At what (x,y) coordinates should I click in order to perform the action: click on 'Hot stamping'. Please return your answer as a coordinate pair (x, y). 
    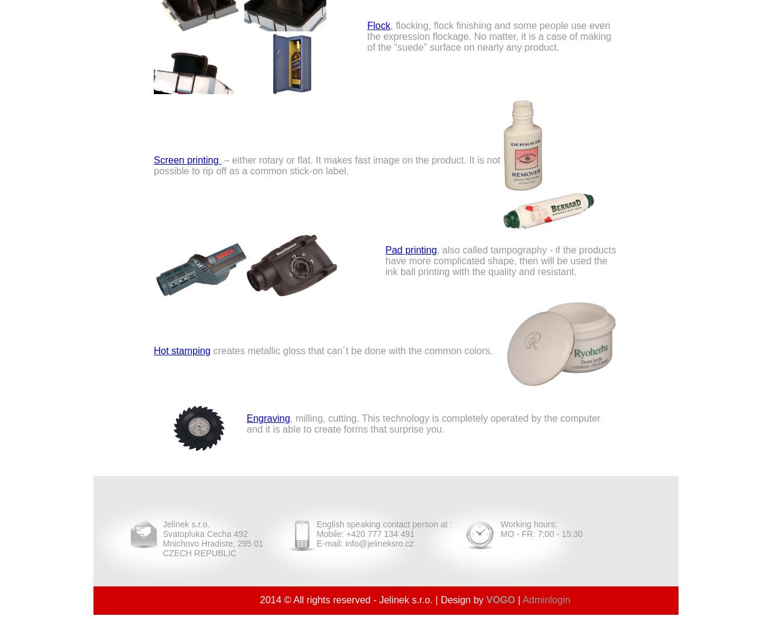
    Looking at the image, I should click on (153, 349).